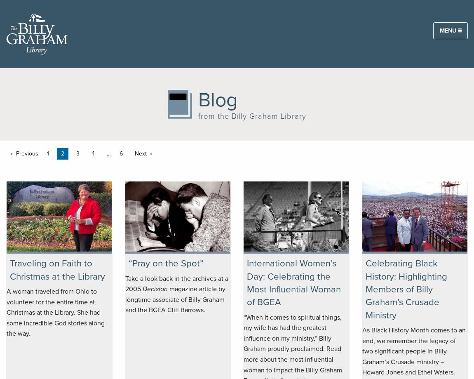 This screenshot has height=379, width=474. Describe the element at coordinates (91, 153) in the screenshot. I see `'4'` at that location.